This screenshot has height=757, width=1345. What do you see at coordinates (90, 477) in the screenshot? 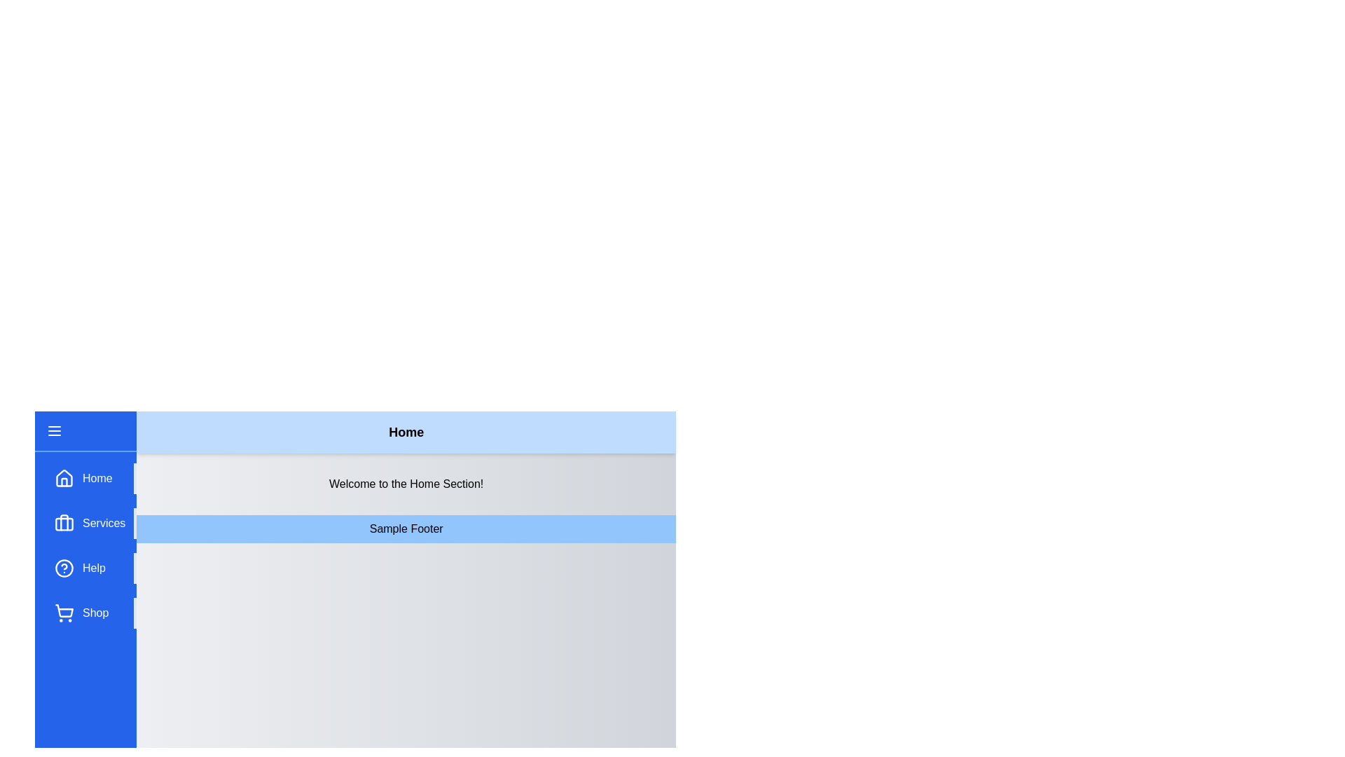
I see `the 'Home' navigation button located at the top of the sidebar menu` at bounding box center [90, 477].